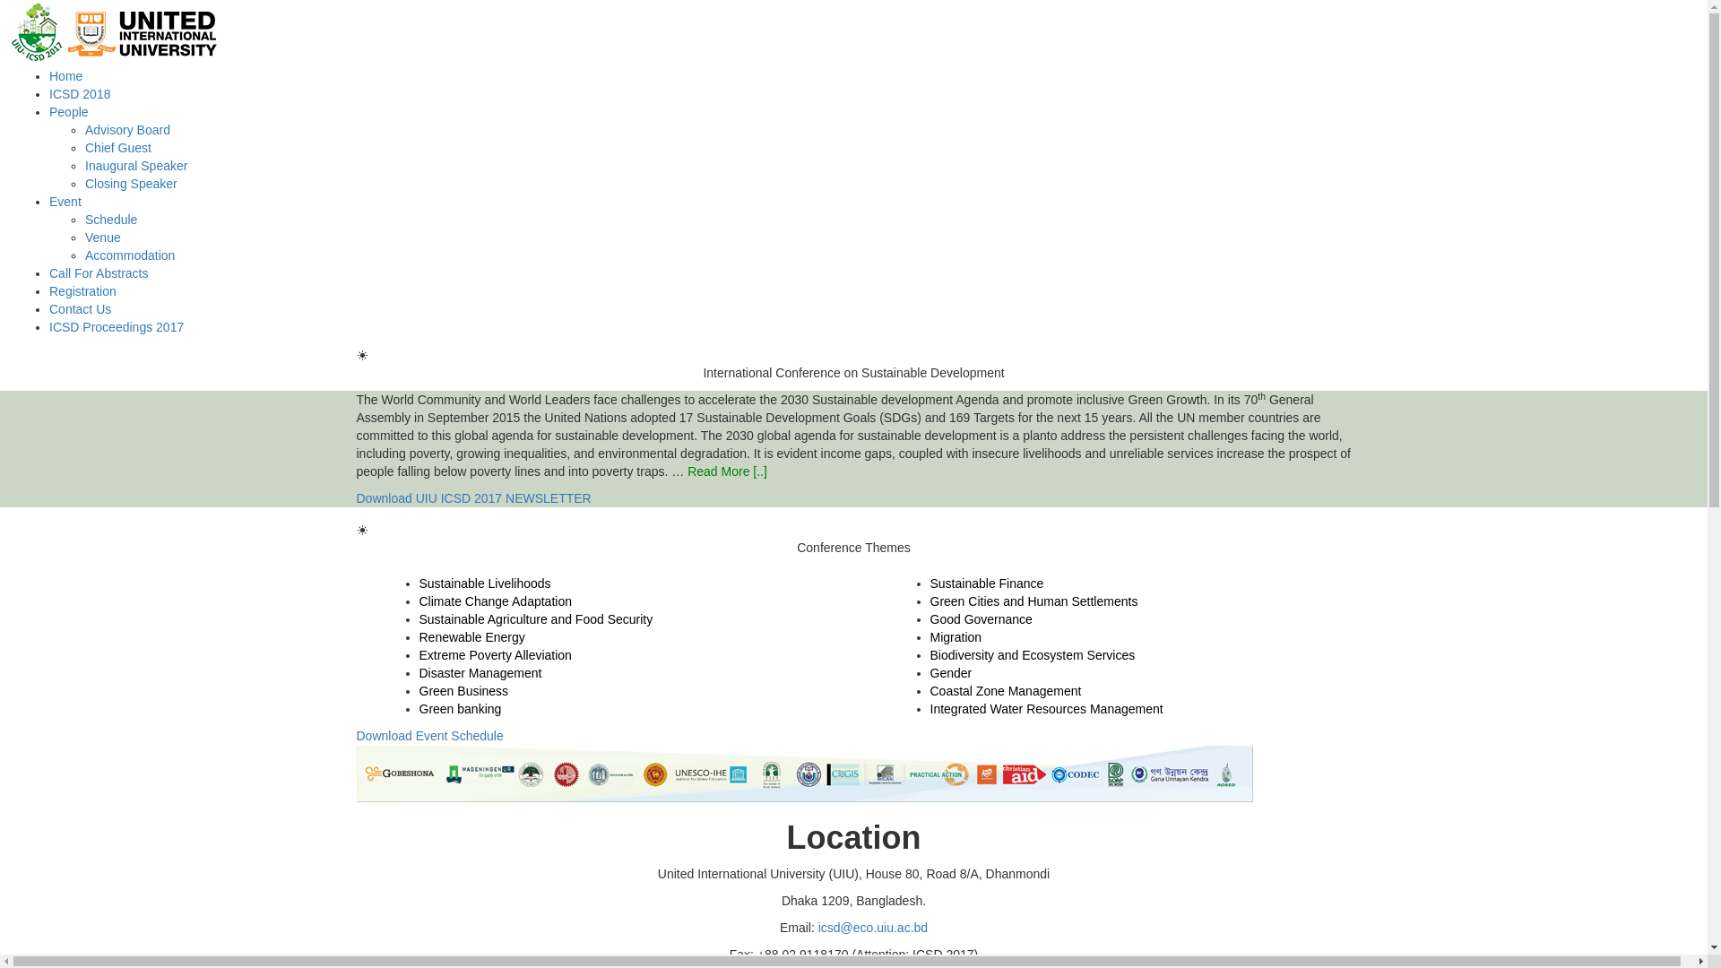 The width and height of the screenshot is (1721, 968). Describe the element at coordinates (110, 219) in the screenshot. I see `'Schedule'` at that location.